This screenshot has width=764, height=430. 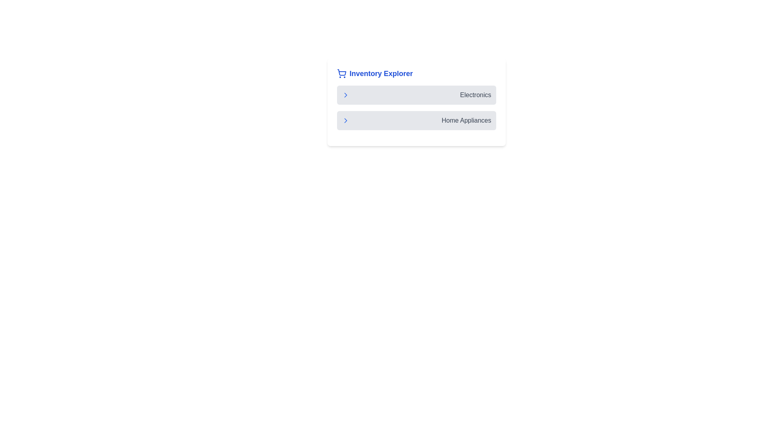 What do you see at coordinates (416, 95) in the screenshot?
I see `the button labeled 'Electronics' that serves as a navigational component in the top section of a vertical list, positioned directly above the 'Home Appliances' button` at bounding box center [416, 95].